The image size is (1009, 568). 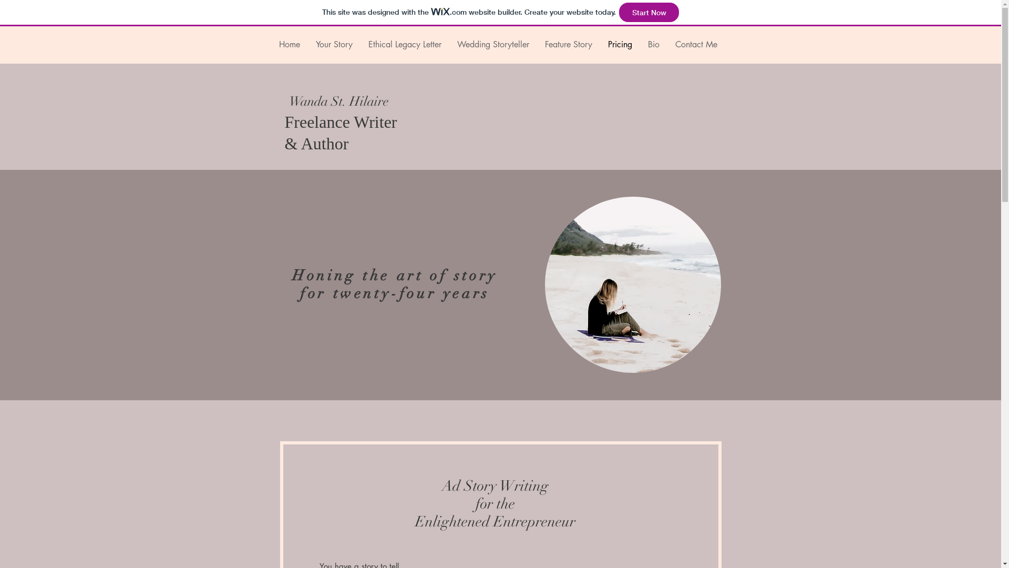 What do you see at coordinates (620, 44) in the screenshot?
I see `'Pricing'` at bounding box center [620, 44].